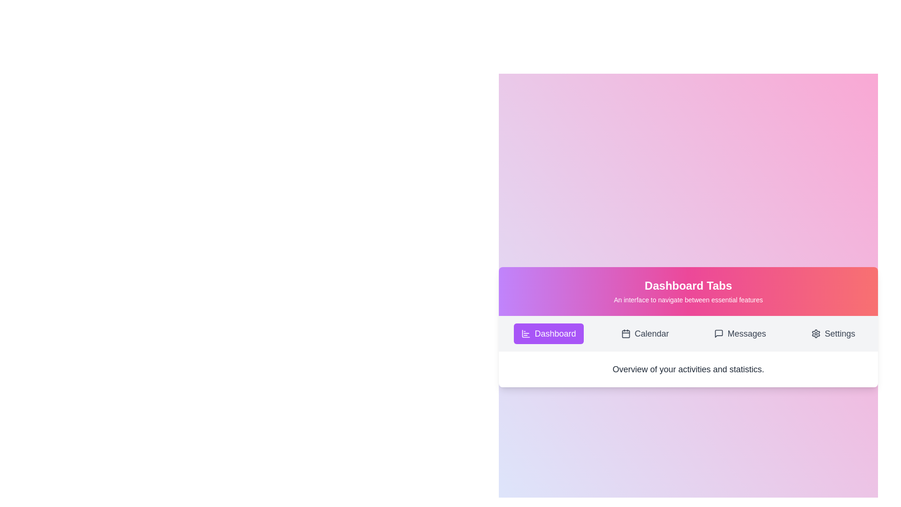 Image resolution: width=901 pixels, height=507 pixels. I want to click on the static text label displaying 'An interface to navigate between essential features', so click(688, 300).